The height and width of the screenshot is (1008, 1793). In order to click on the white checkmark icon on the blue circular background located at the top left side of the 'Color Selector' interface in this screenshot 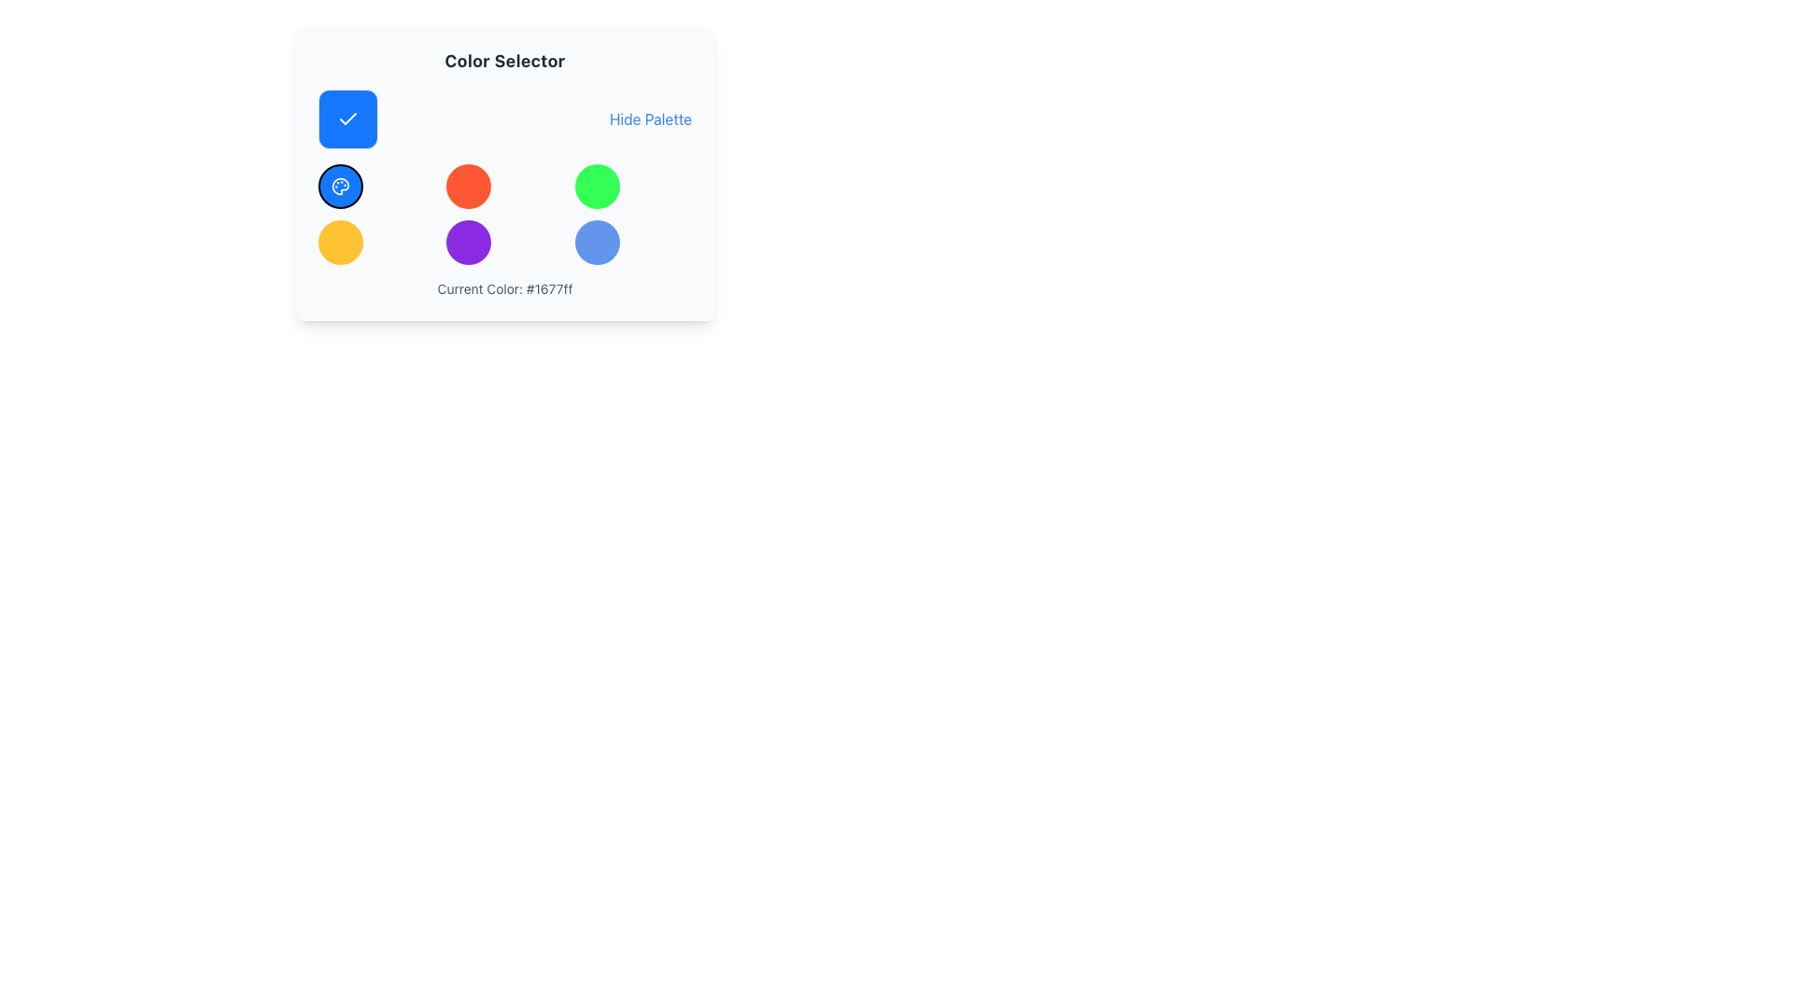, I will do `click(348, 119)`.